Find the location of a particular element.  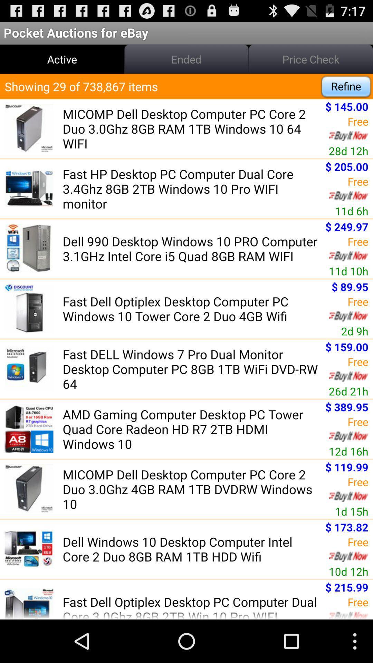

the 28d 12h icon is located at coordinates (348, 150).